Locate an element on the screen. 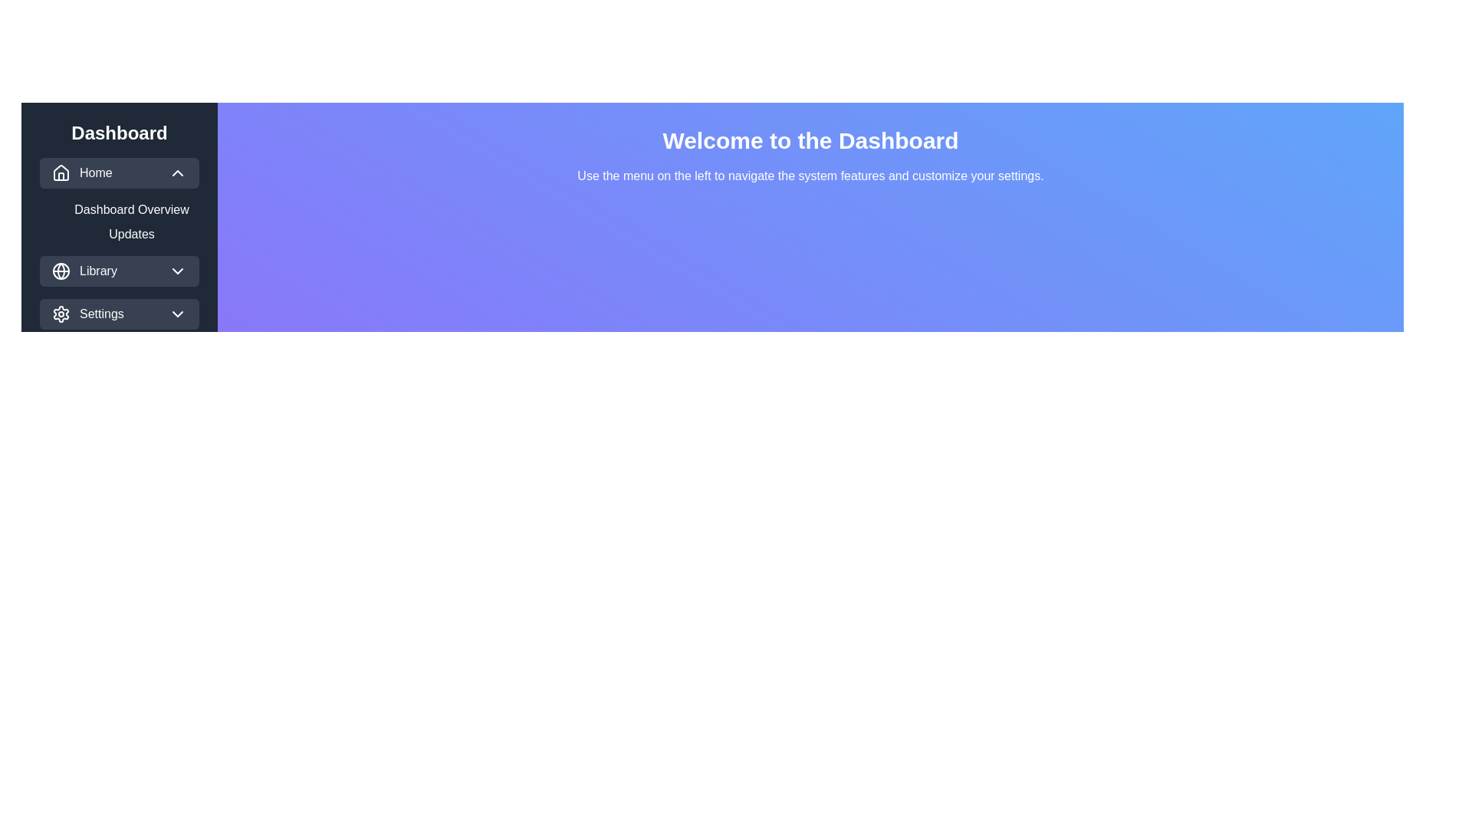 The image size is (1472, 828). the 'Updates' text label in the 'Dashboard Overview' menu to change its color is located at coordinates (119, 242).